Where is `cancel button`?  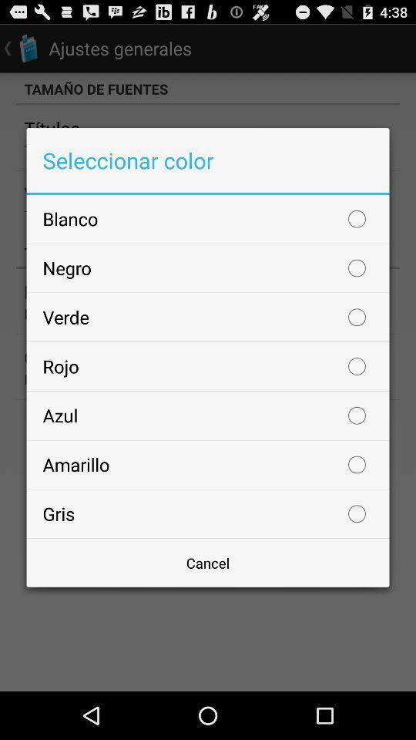 cancel button is located at coordinates (208, 562).